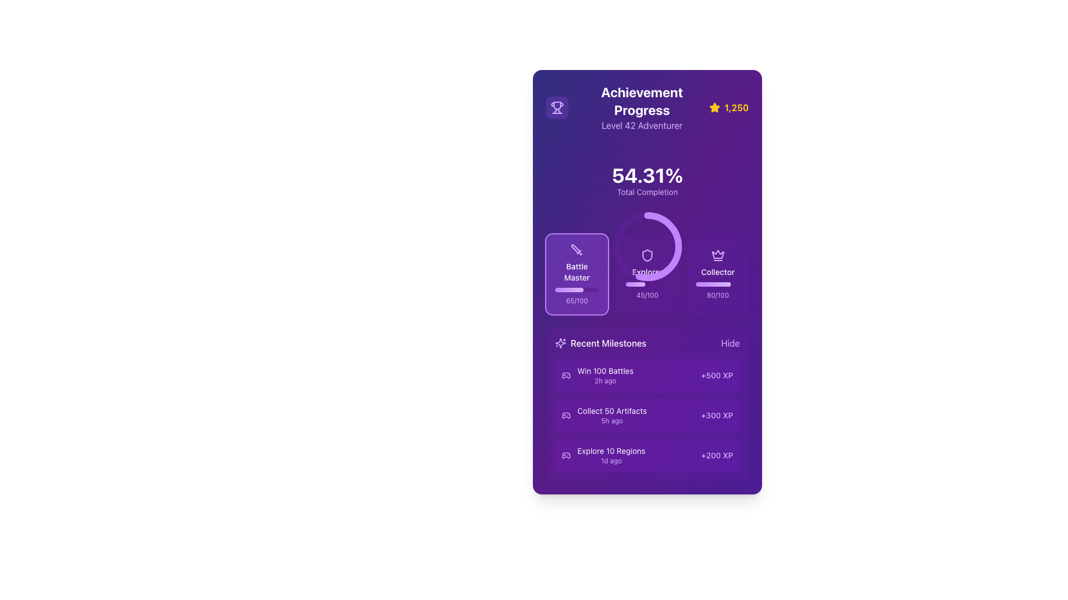  Describe the element at coordinates (605, 381) in the screenshot. I see `the text label displaying '2h ago', which is styled in light purple and is located directly below the label 'Win 100 Battles' in the 'Recent Milestones' section` at that location.